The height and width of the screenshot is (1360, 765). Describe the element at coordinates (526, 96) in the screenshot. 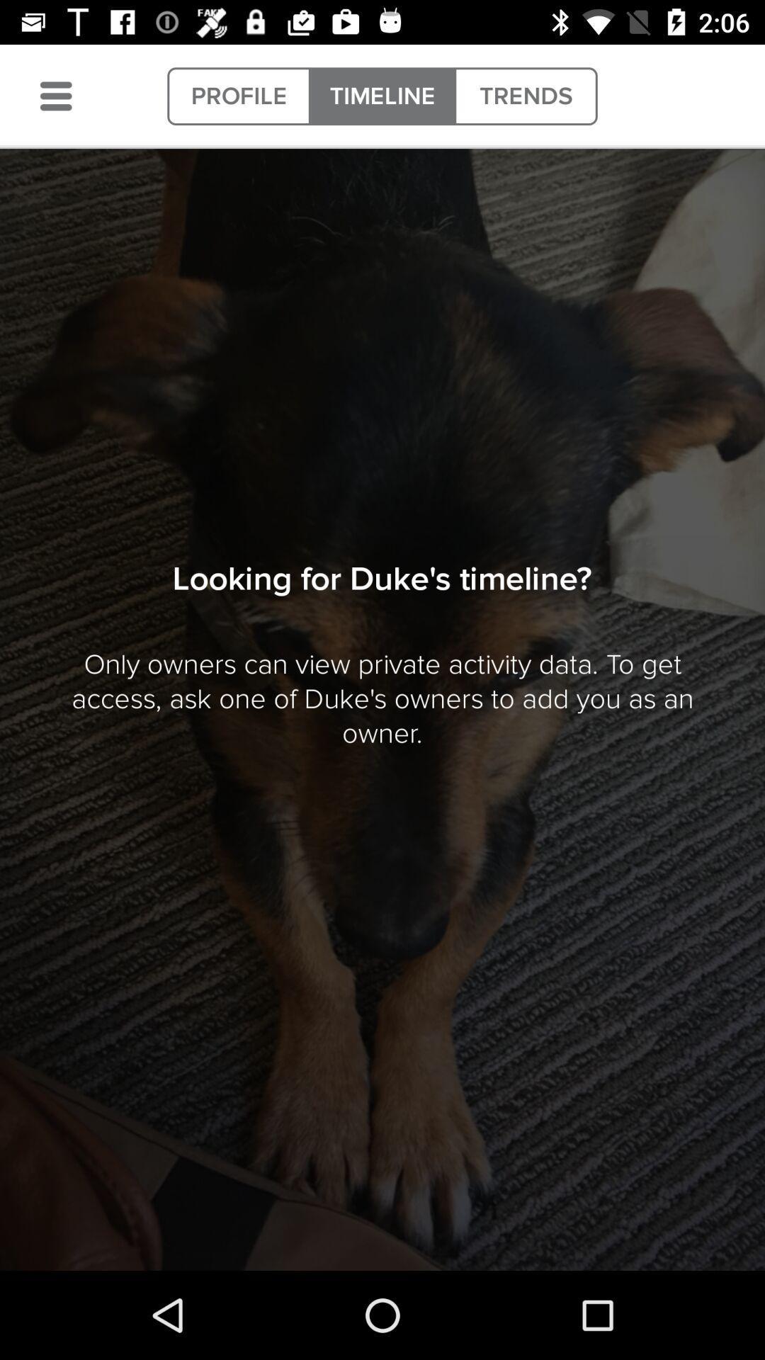

I see `the icon next to the timeline icon` at that location.